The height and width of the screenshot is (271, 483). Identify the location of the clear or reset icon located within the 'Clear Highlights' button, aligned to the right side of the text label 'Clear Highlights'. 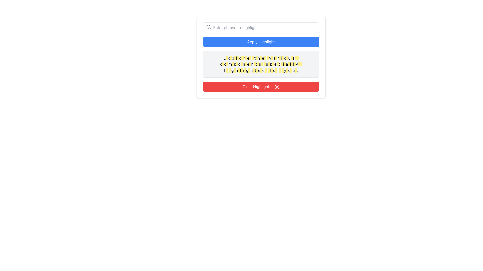
(277, 87).